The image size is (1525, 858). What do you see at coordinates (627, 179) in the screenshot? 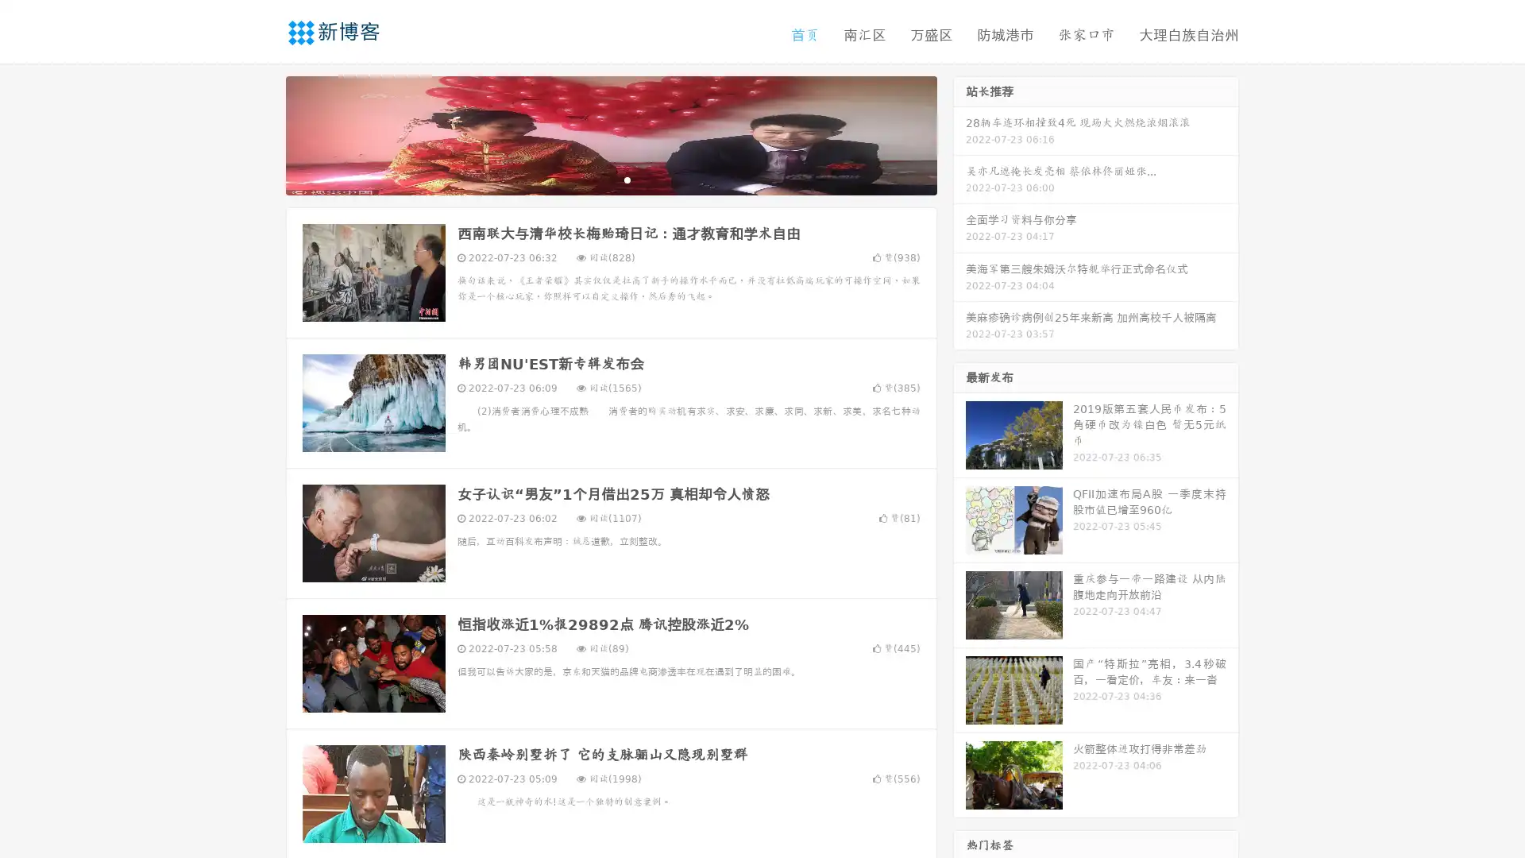
I see `Go to slide 3` at bounding box center [627, 179].